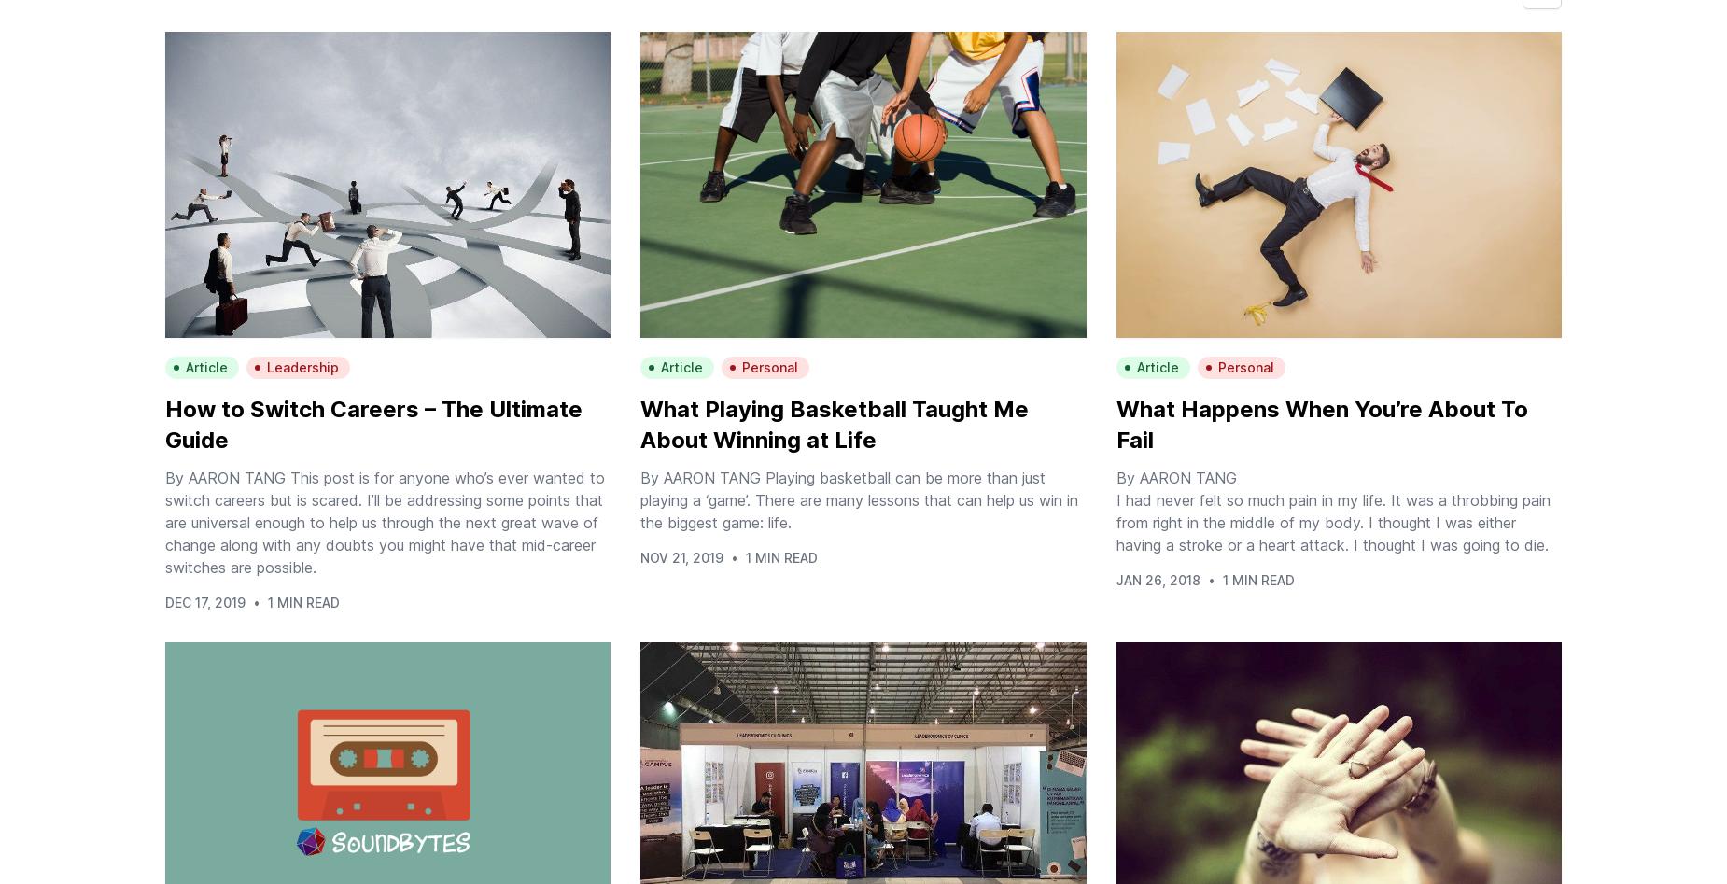 Image resolution: width=1727 pixels, height=884 pixels. What do you see at coordinates (859, 499) in the screenshot?
I see `'By AARON TANG Playing basketball can be more than just playing a ‘game’. There are many lessons that can help us win in the biggest game: life.'` at bounding box center [859, 499].